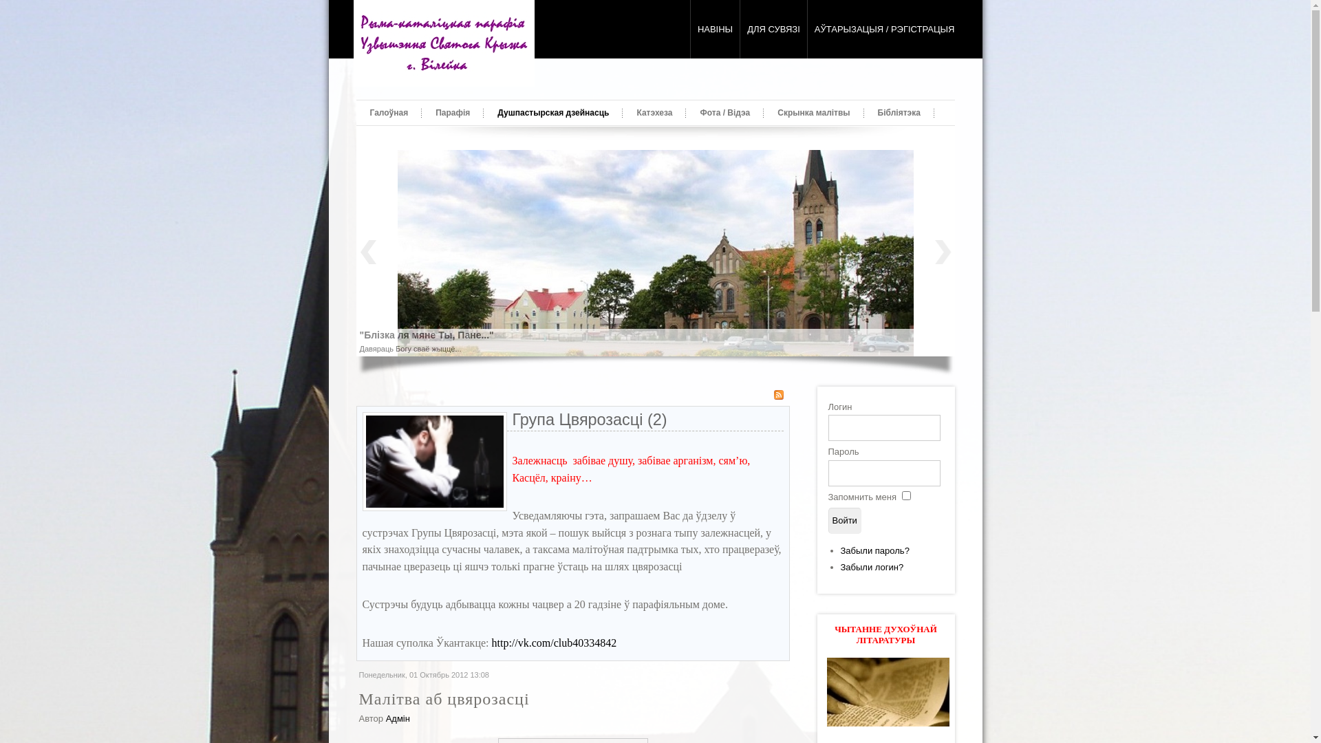 The image size is (1321, 743). I want to click on 'http://vk.com/club40334842', so click(554, 643).